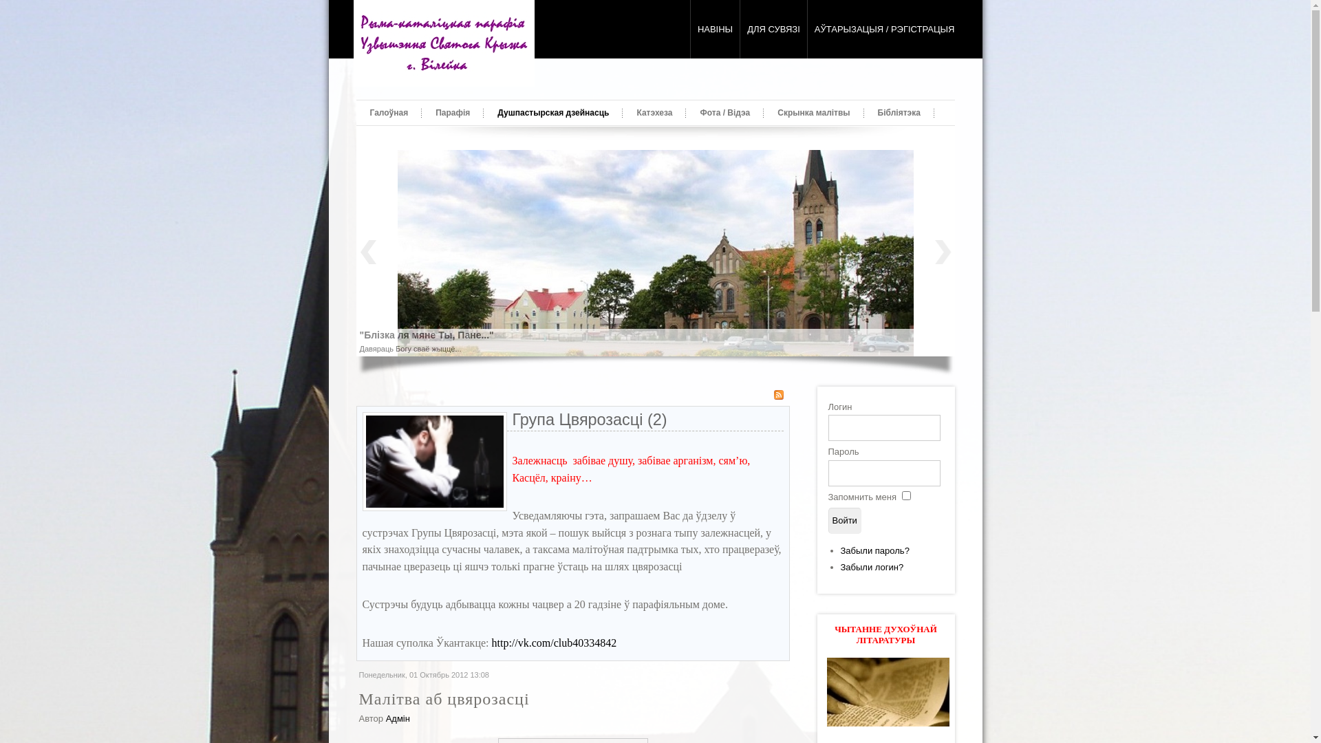 The image size is (1321, 743). I want to click on 'http://vk.com/club40334842', so click(554, 643).